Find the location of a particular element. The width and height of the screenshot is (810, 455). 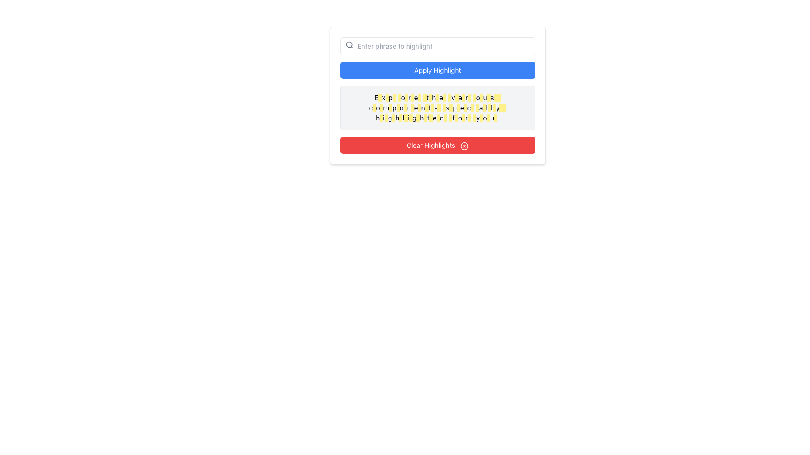

the 18th highlighted segment of the text block that reads 'Explore the various components specially highlighted for you.' is located at coordinates (489, 97).